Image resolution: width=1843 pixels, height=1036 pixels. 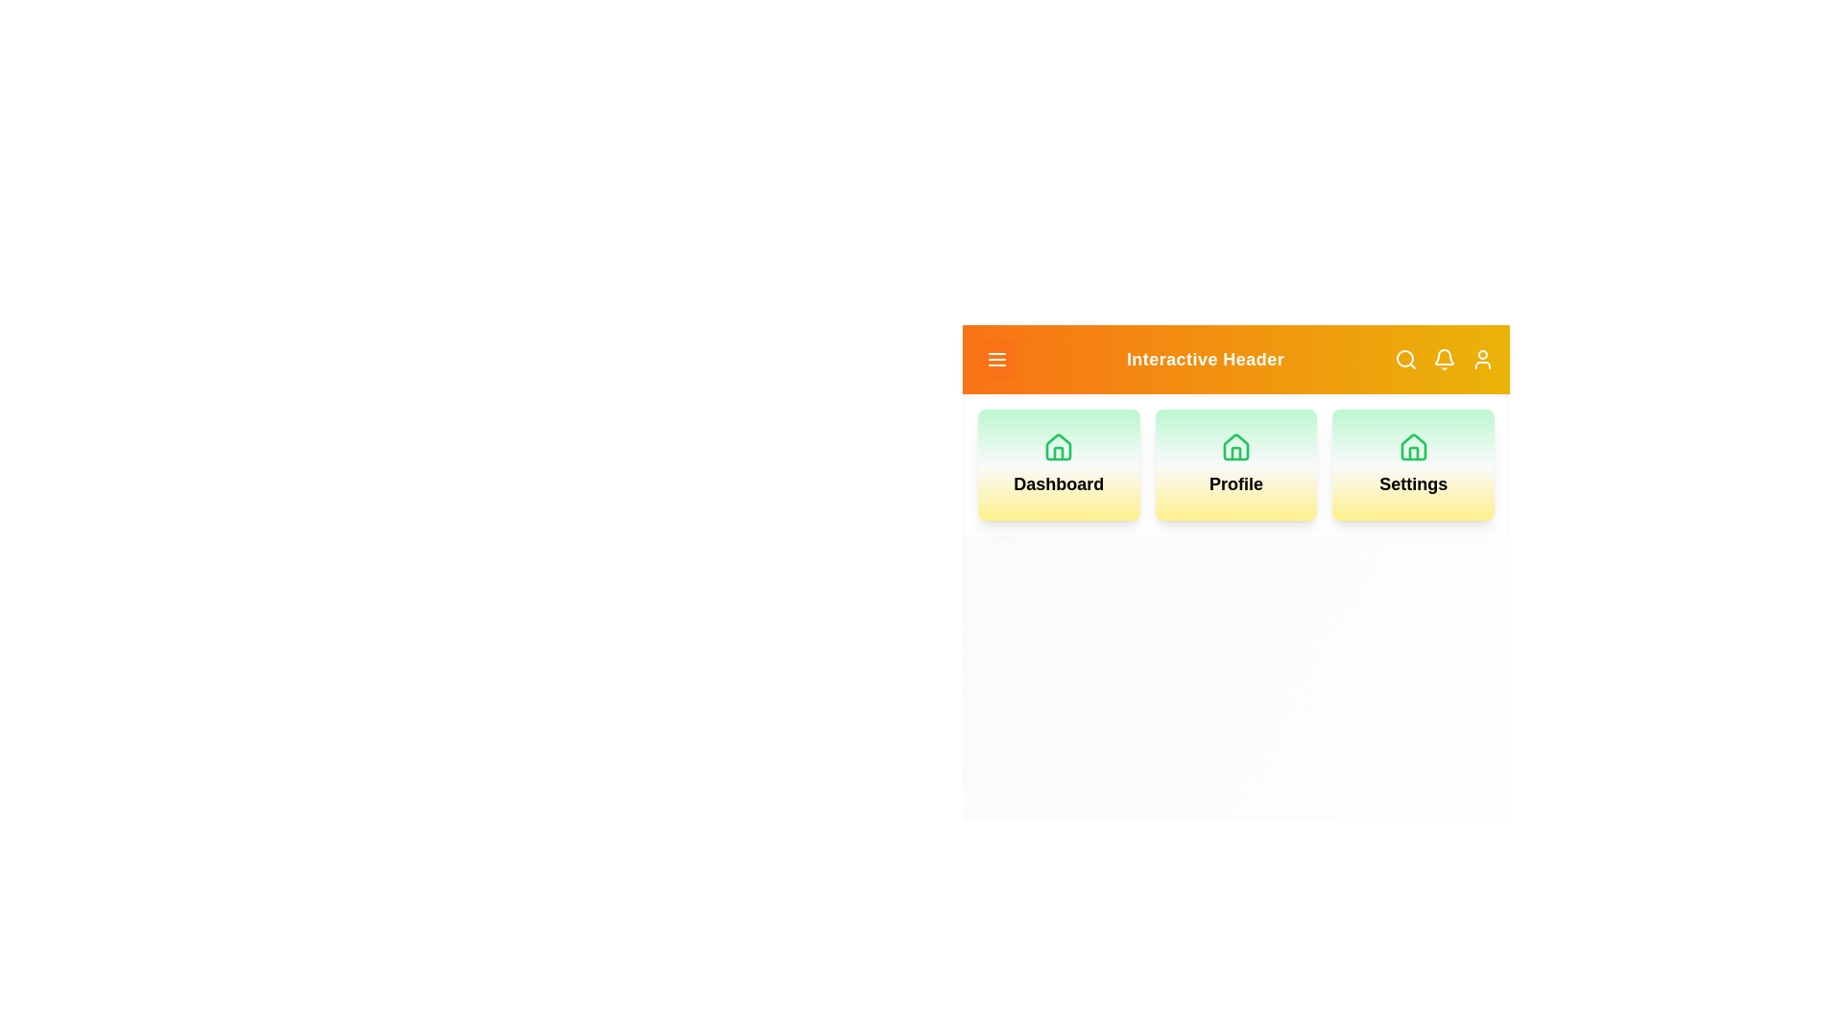 I want to click on the bell icon to observe its hover effect, so click(x=1445, y=359).